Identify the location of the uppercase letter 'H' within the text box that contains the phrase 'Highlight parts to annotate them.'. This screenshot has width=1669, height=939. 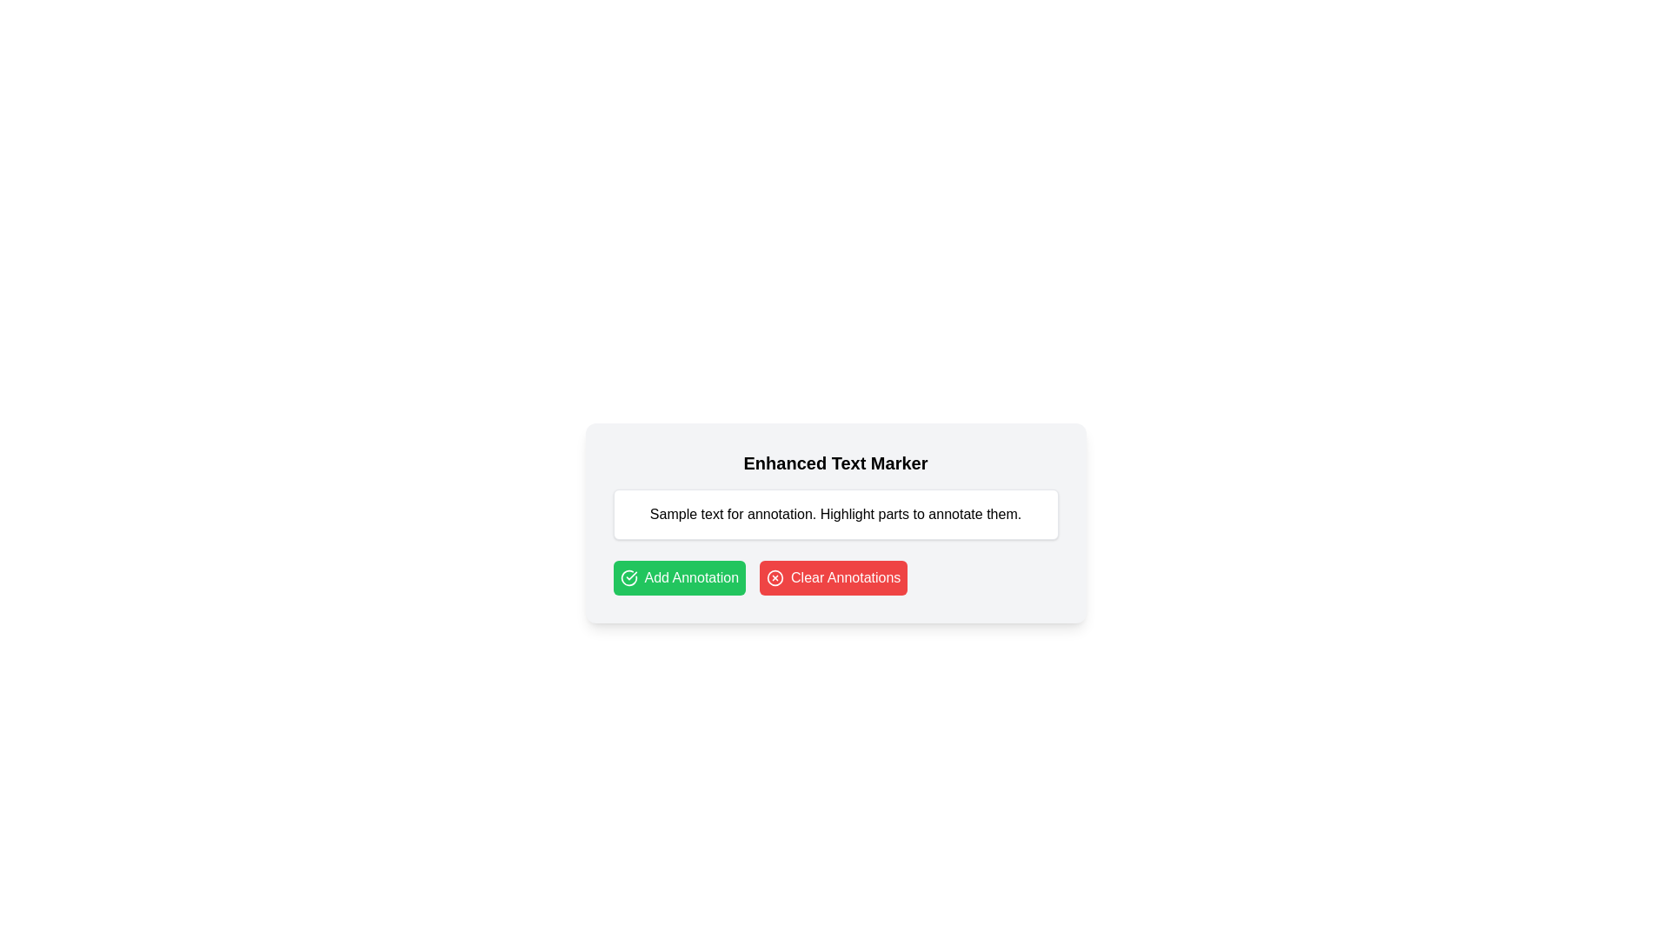
(824, 513).